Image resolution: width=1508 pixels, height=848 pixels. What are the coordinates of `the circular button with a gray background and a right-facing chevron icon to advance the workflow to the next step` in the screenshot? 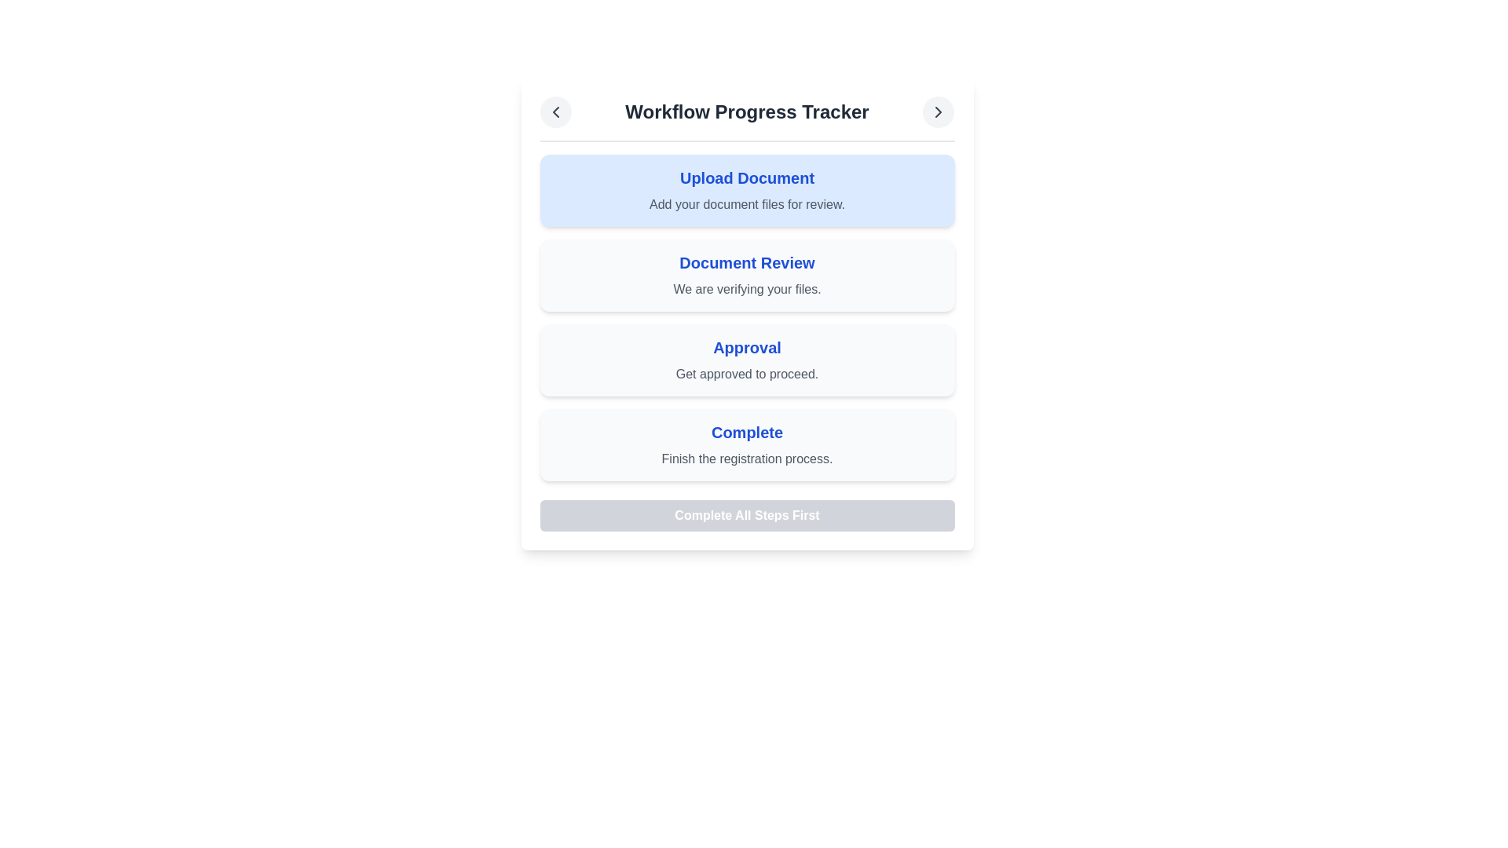 It's located at (939, 111).